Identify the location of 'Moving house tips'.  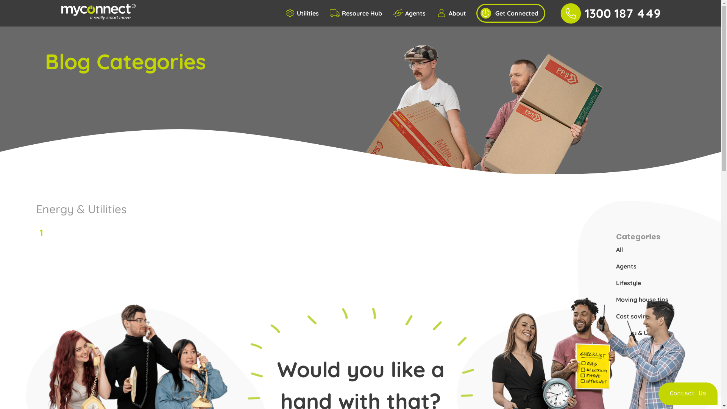
(641, 299).